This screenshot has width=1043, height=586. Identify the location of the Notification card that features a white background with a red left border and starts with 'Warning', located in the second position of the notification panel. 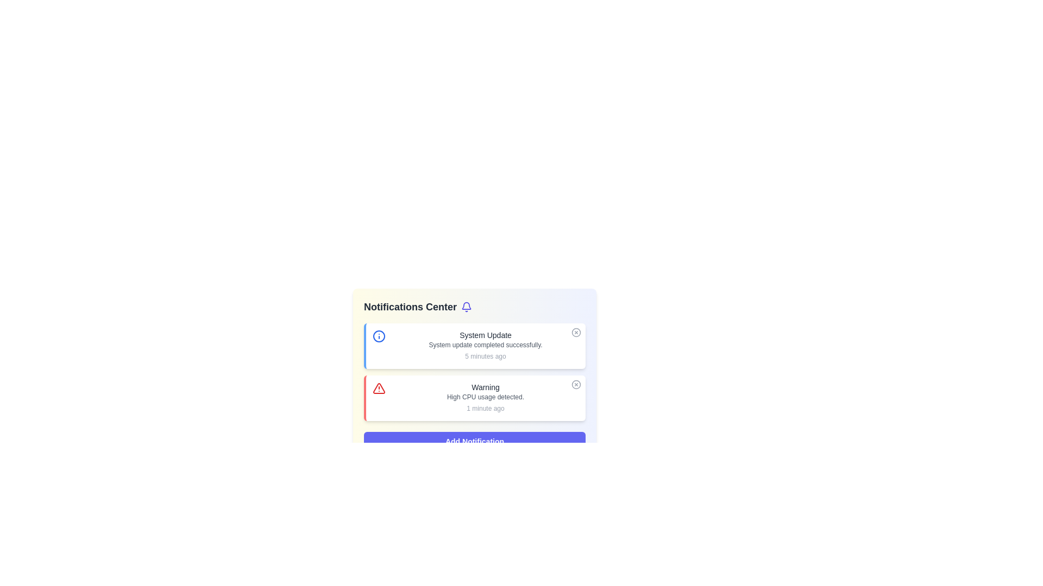
(474, 398).